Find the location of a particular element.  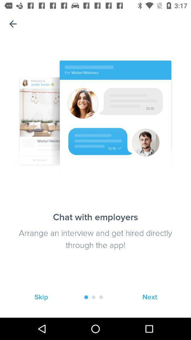

the icon below the arrange an interview is located at coordinates (149, 297).